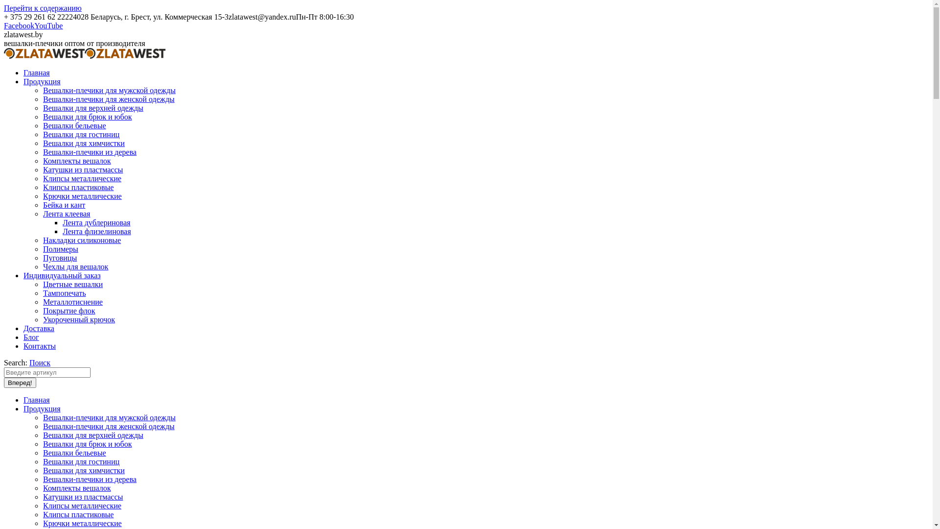  Describe the element at coordinates (19, 25) in the screenshot. I see `'Facebook'` at that location.